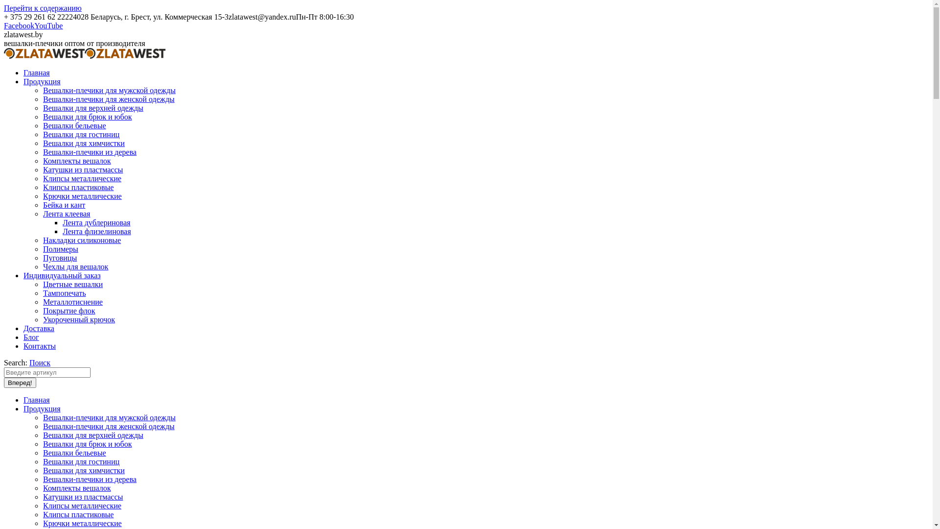  Describe the element at coordinates (19, 25) in the screenshot. I see `'Facebook'` at that location.